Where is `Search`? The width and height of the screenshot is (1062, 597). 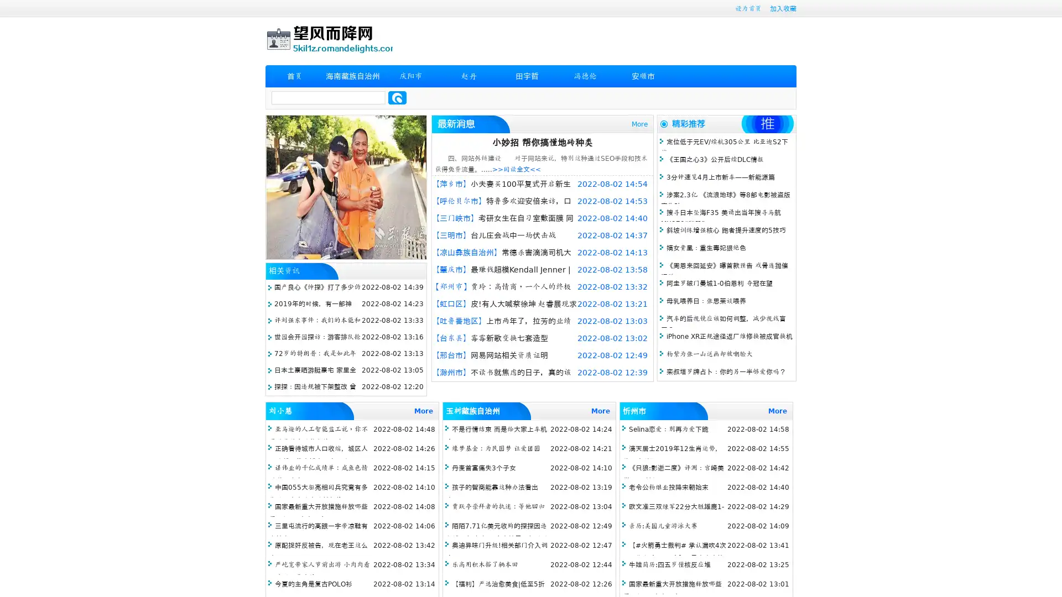 Search is located at coordinates (397, 97).